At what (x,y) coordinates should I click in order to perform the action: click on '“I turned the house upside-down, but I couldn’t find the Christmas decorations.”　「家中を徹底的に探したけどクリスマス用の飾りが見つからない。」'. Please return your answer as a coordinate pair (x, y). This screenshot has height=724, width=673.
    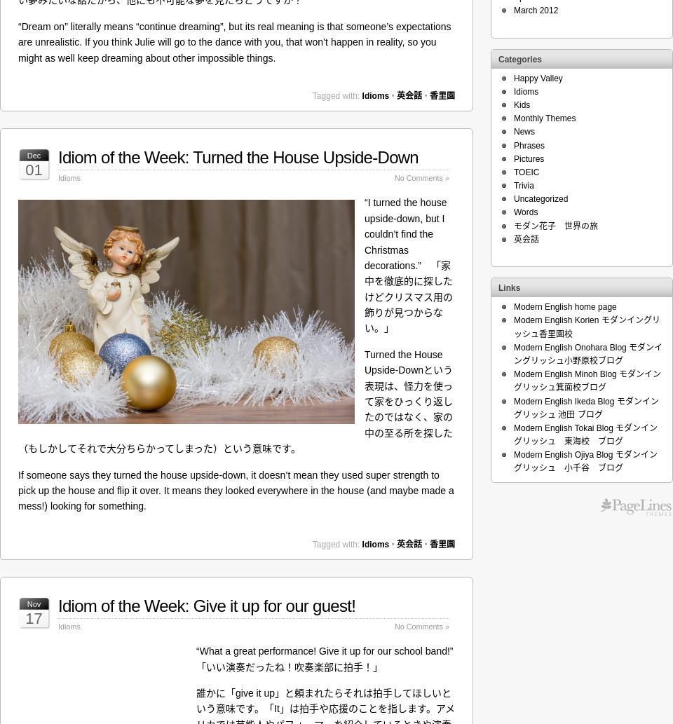
    Looking at the image, I should click on (409, 265).